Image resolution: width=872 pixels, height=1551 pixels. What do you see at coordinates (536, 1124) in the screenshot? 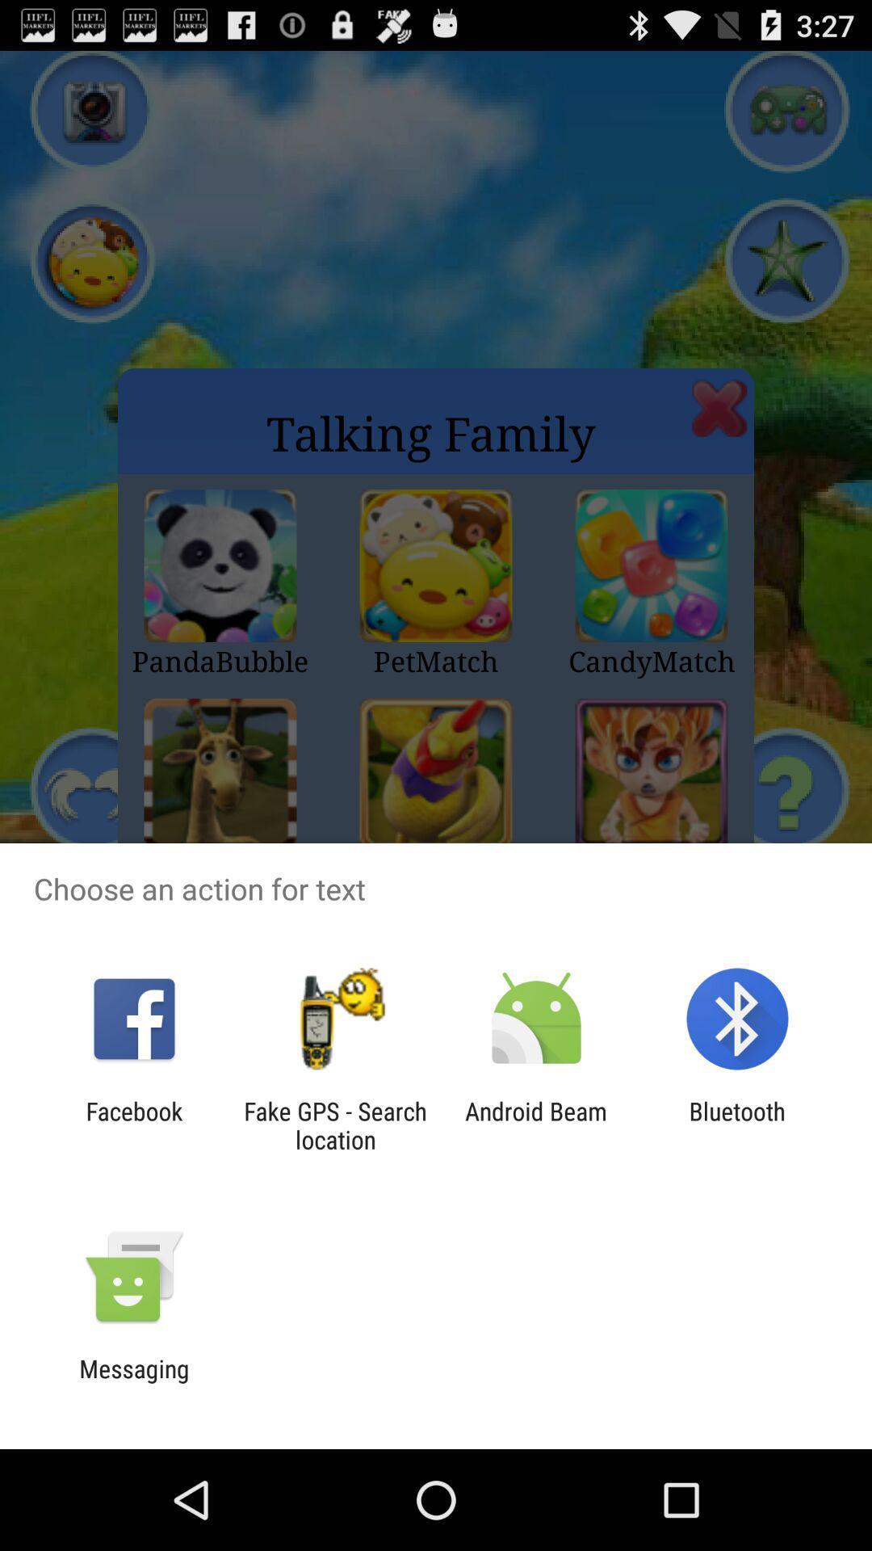
I see `the android beam` at bounding box center [536, 1124].